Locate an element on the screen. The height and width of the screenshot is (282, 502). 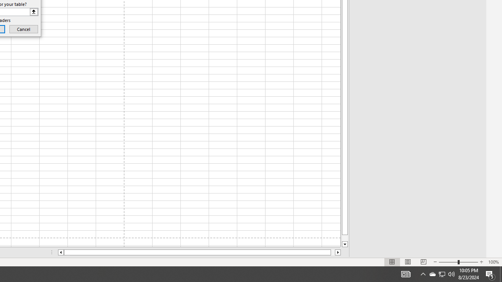
'Page down' is located at coordinates (345, 238).